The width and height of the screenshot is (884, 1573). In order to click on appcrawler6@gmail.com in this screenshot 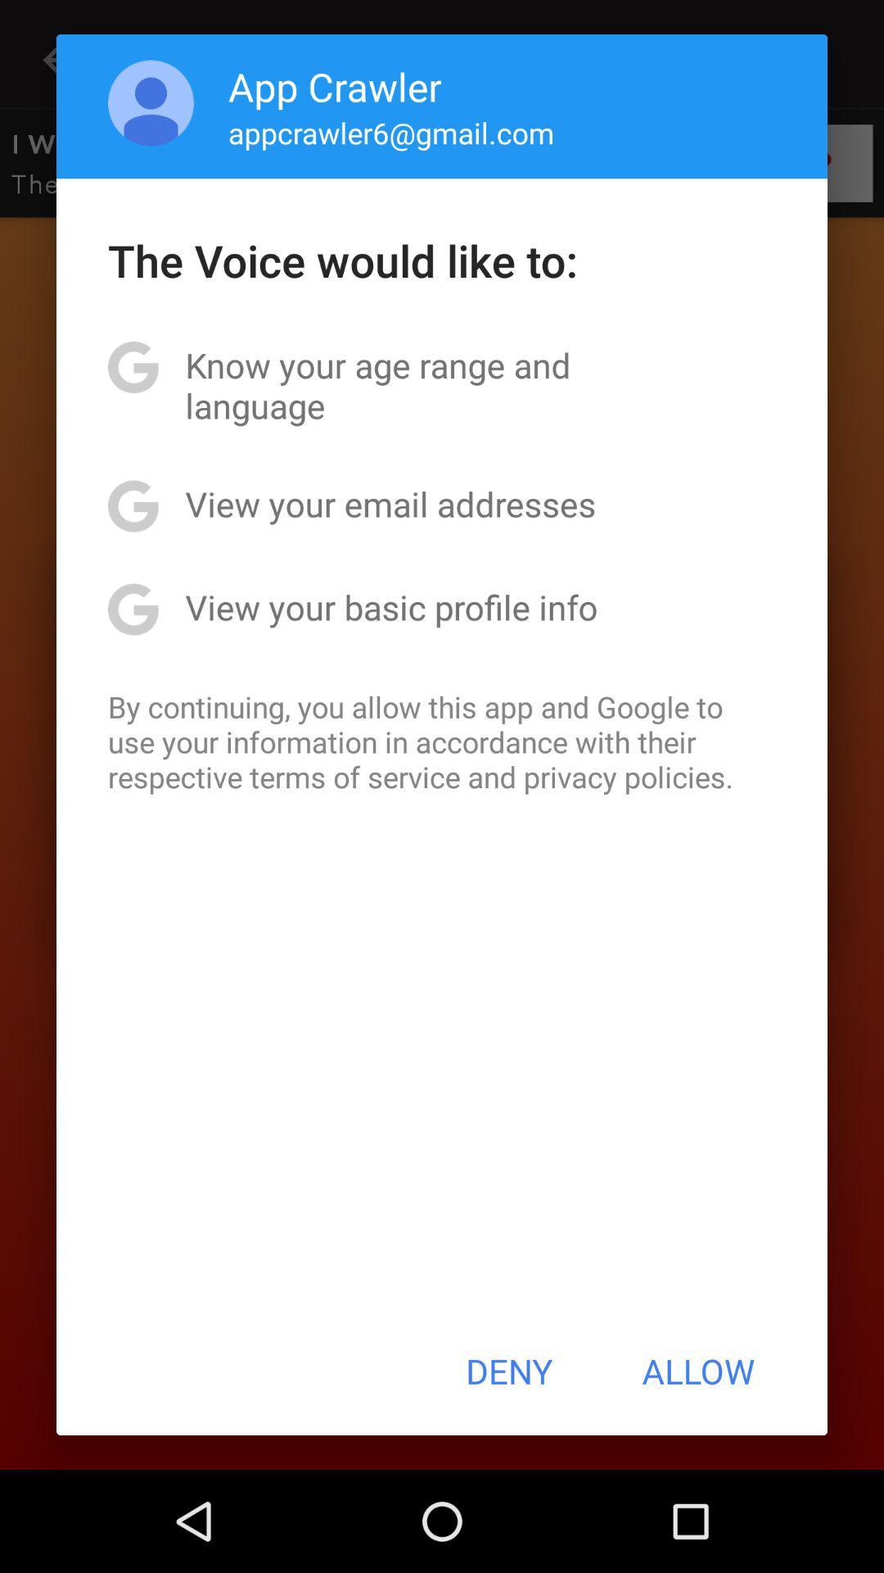, I will do `click(391, 133)`.